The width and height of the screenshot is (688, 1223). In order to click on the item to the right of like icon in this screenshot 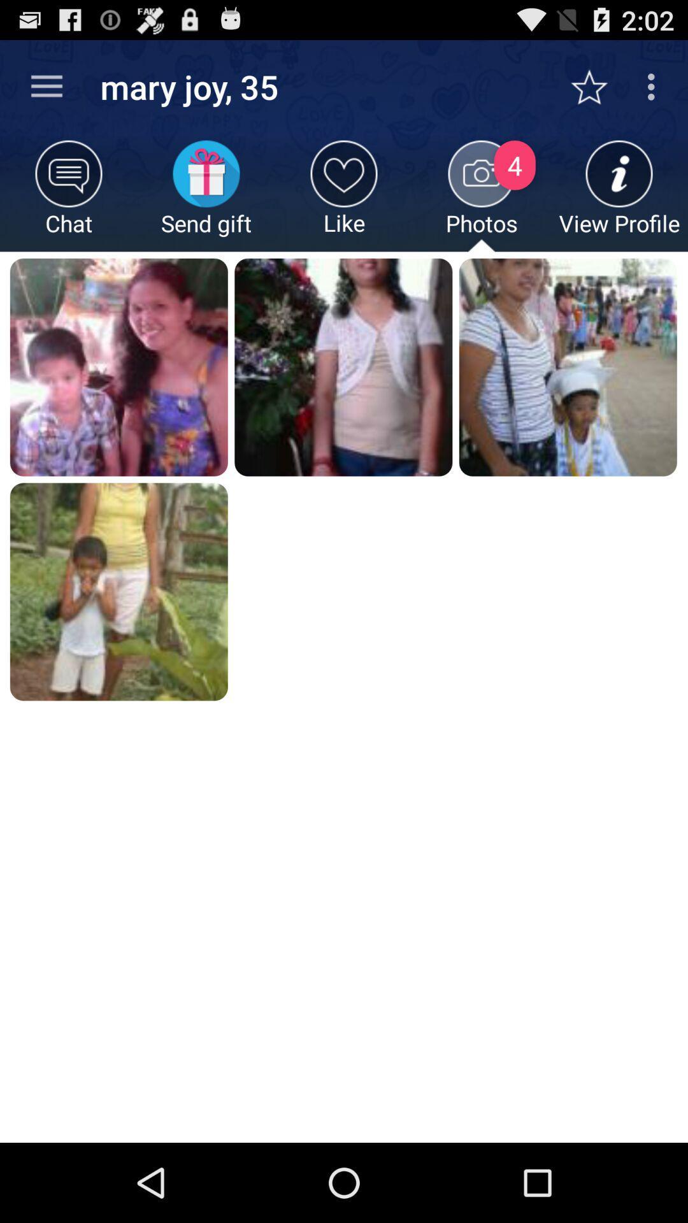, I will do `click(482, 195)`.